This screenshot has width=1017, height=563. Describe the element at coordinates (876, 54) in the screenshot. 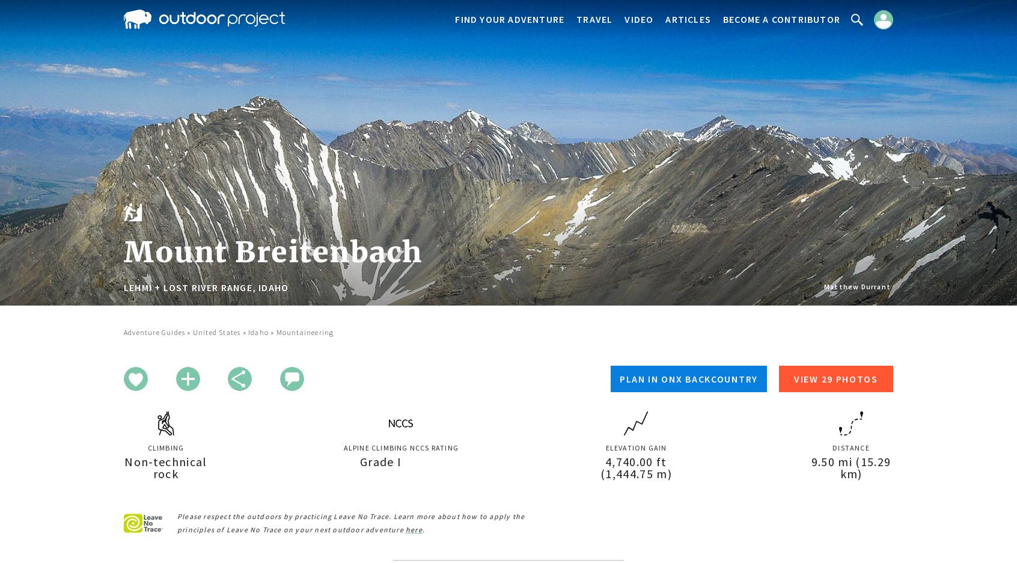

I see `'Sign In'` at that location.